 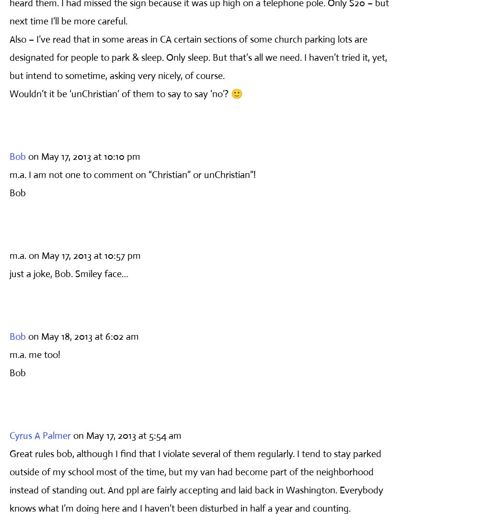 What do you see at coordinates (18, 255) in the screenshot?
I see `'m.a.'` at bounding box center [18, 255].